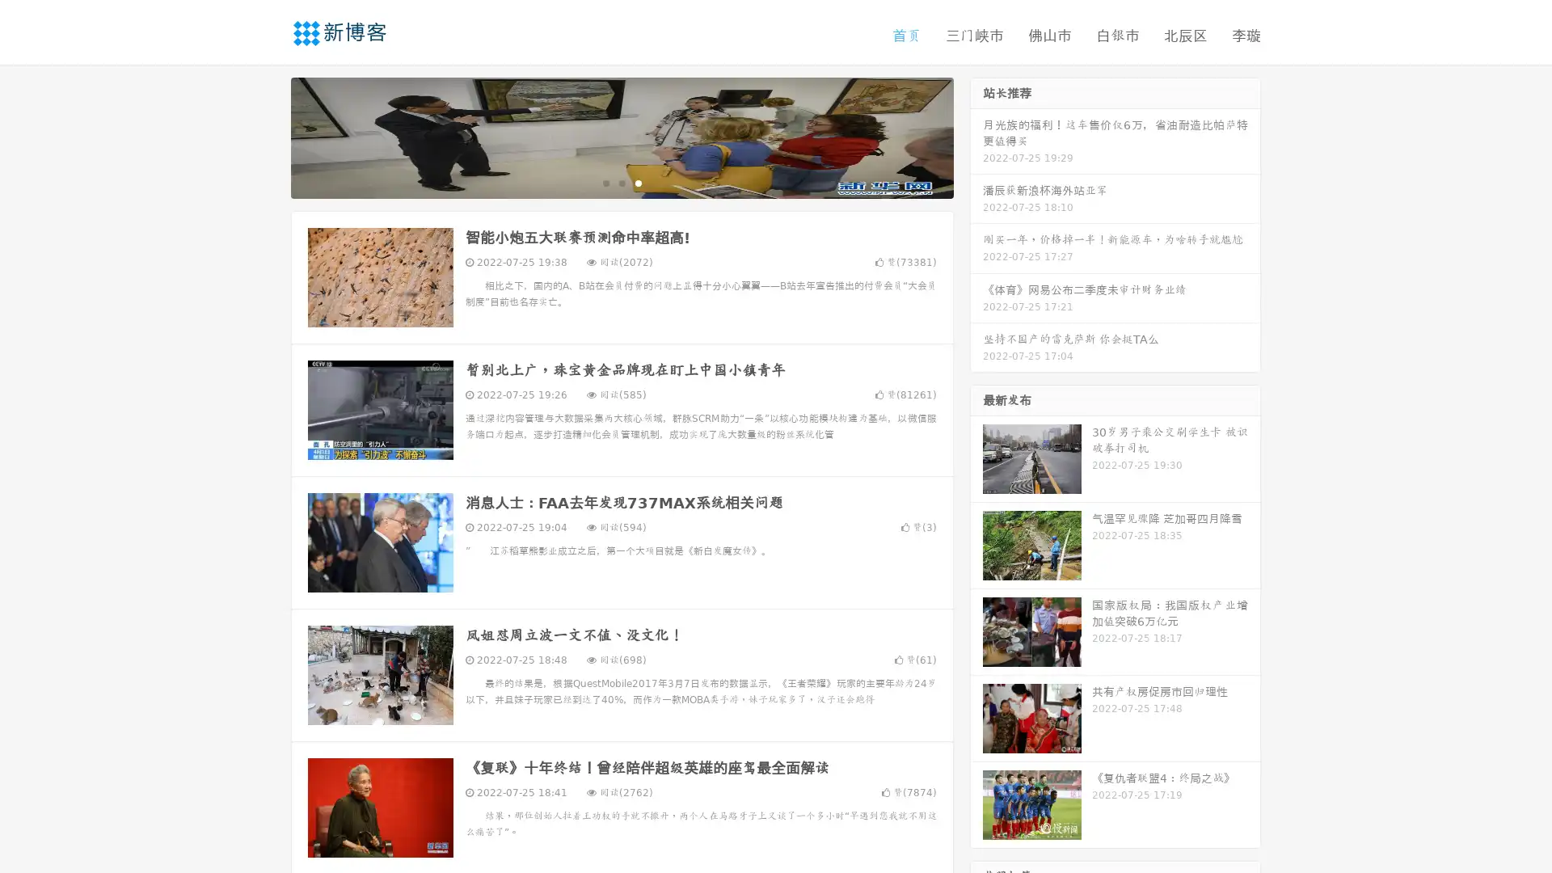  What do you see at coordinates (976, 136) in the screenshot?
I see `Next slide` at bounding box center [976, 136].